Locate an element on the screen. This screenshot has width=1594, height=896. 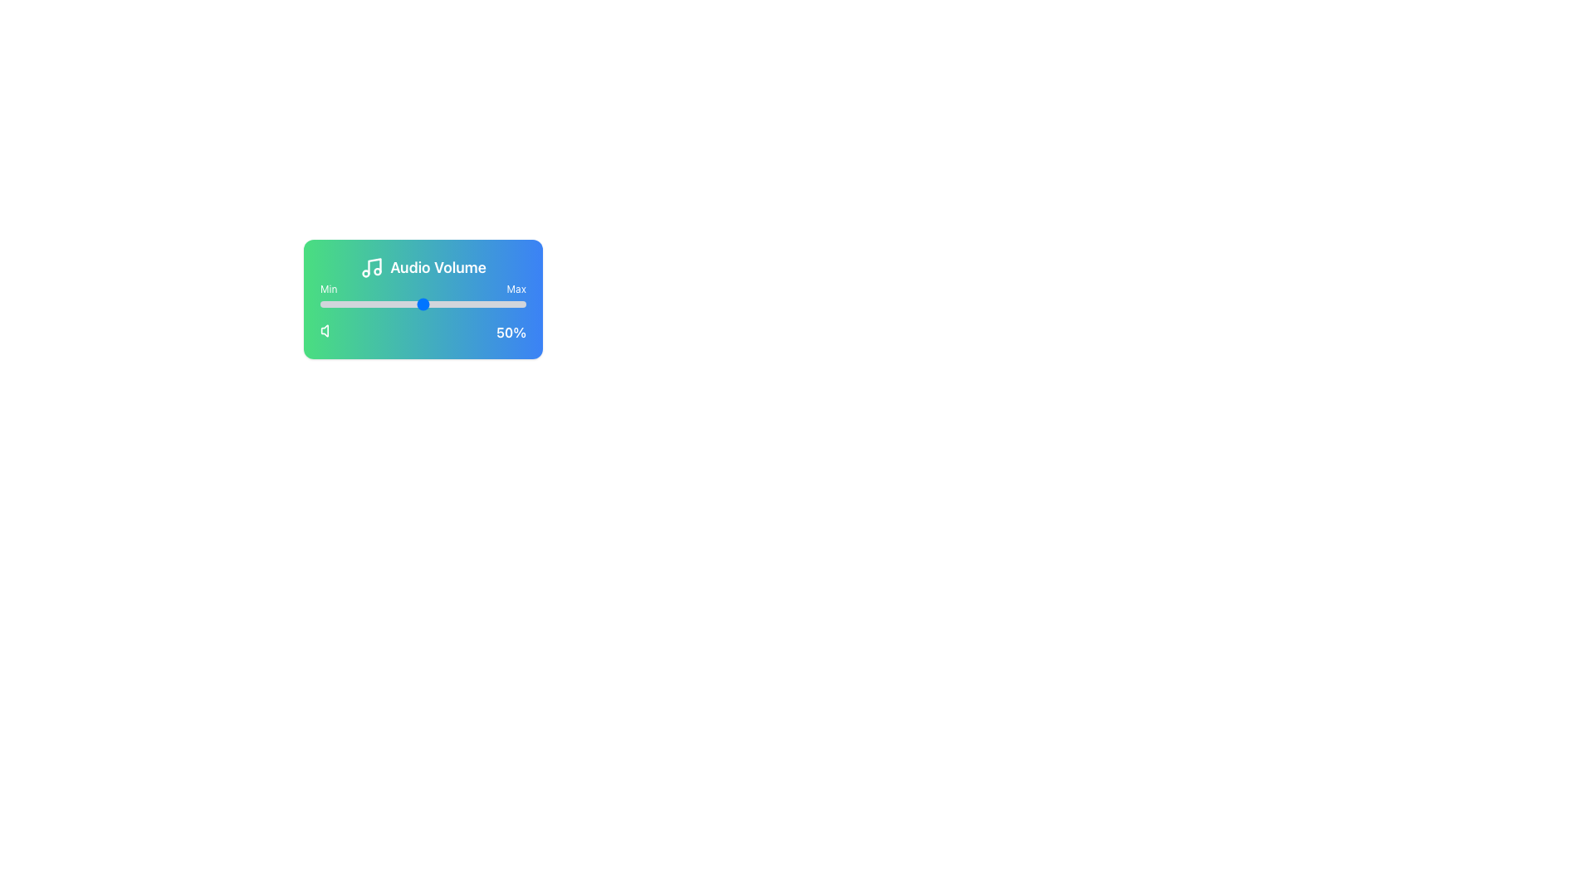
the volume is located at coordinates (348, 304).